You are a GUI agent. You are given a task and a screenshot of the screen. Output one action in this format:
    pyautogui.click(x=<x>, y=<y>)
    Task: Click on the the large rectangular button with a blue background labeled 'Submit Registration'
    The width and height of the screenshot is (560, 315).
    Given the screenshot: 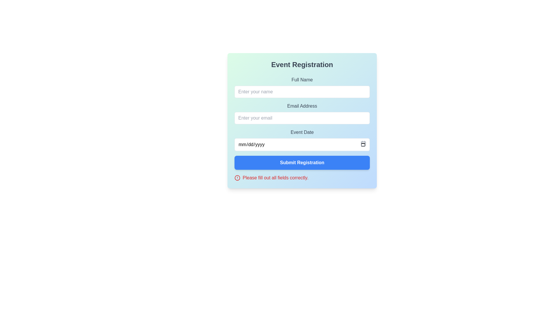 What is the action you would take?
    pyautogui.click(x=302, y=163)
    